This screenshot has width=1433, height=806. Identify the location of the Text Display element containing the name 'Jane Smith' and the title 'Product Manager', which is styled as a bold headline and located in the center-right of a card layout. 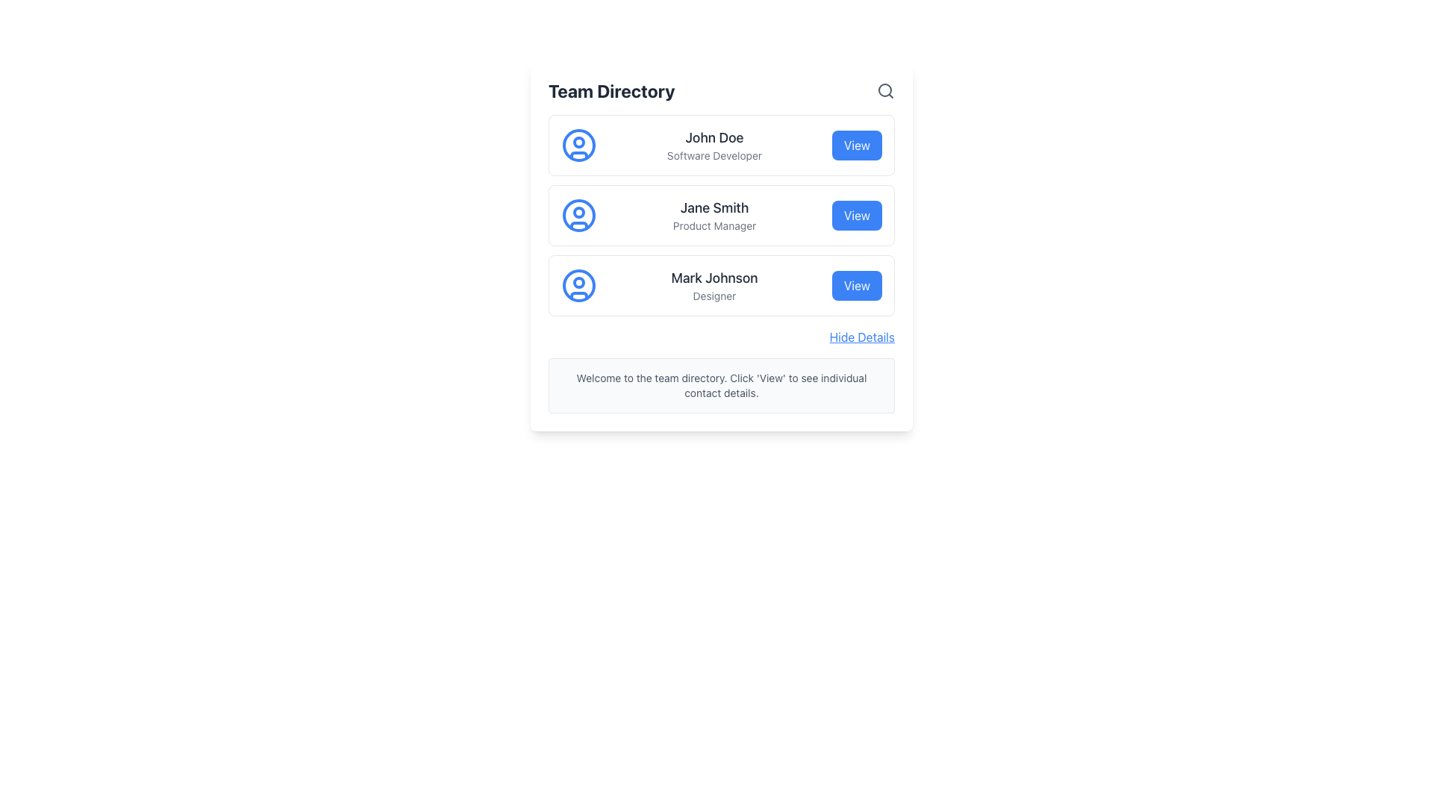
(714, 216).